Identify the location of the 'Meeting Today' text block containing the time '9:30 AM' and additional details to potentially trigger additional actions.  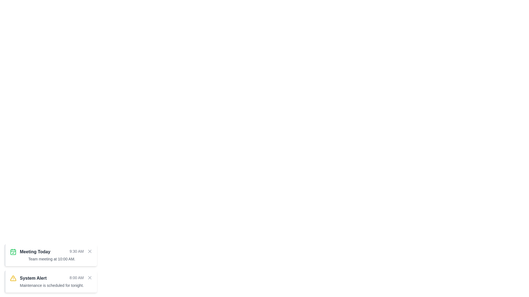
(52, 255).